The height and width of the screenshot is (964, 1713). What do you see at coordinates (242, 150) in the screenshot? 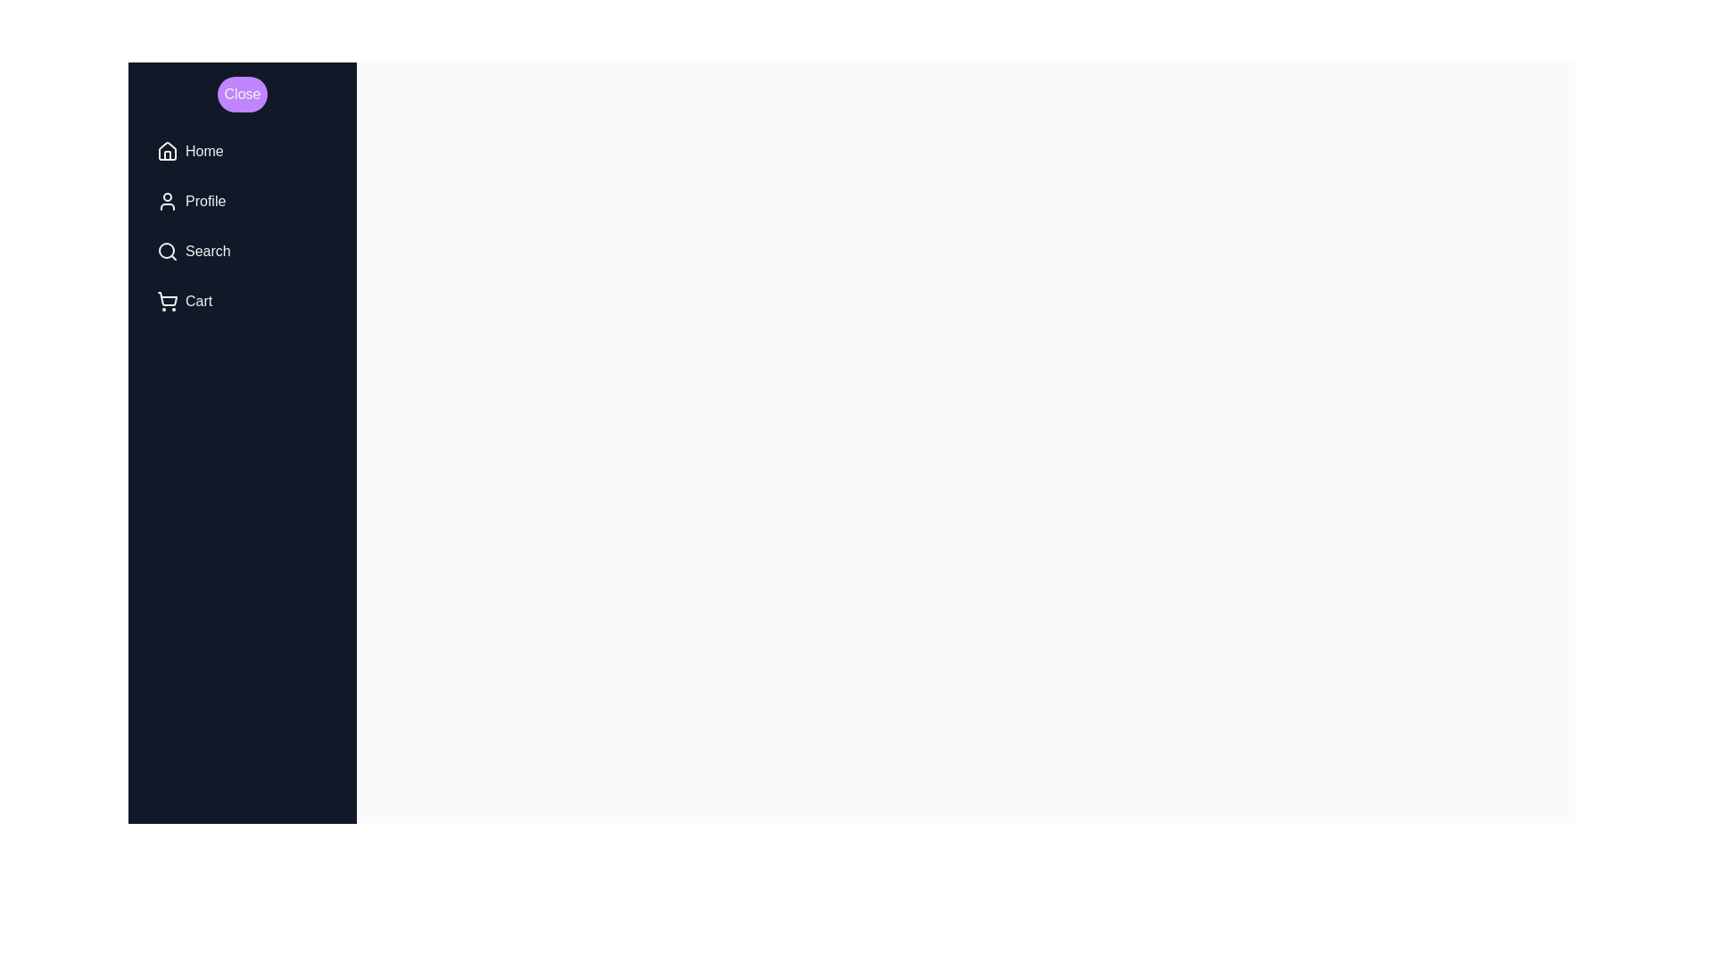
I see `the menu item Home to select it` at bounding box center [242, 150].